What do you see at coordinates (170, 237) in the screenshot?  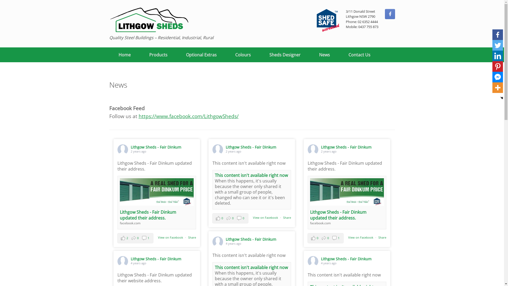 I see `'View on Facebook'` at bounding box center [170, 237].